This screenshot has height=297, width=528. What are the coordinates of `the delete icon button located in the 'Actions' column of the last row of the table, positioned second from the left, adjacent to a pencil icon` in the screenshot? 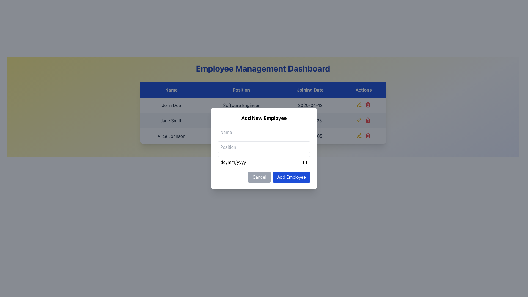 It's located at (368, 120).